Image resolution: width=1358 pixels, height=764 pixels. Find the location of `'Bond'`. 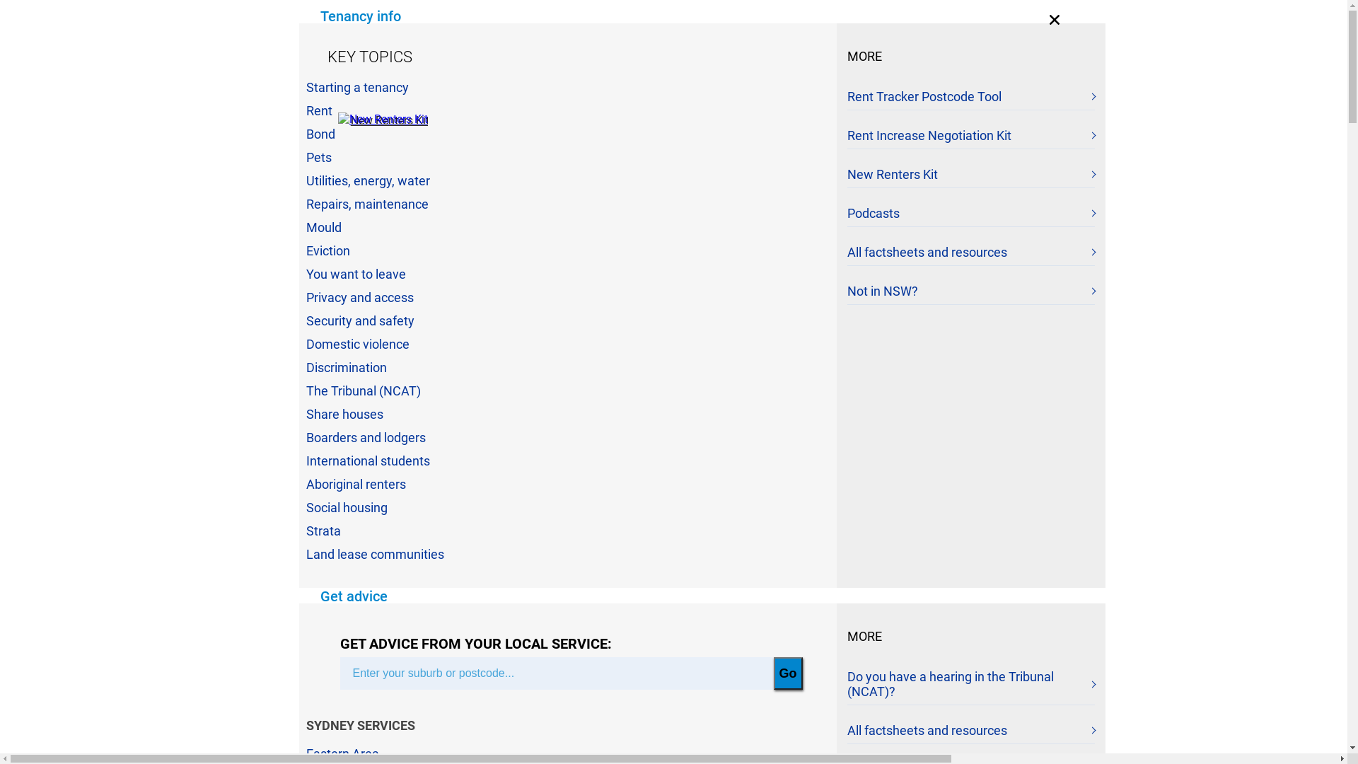

'Bond' is located at coordinates (319, 134).